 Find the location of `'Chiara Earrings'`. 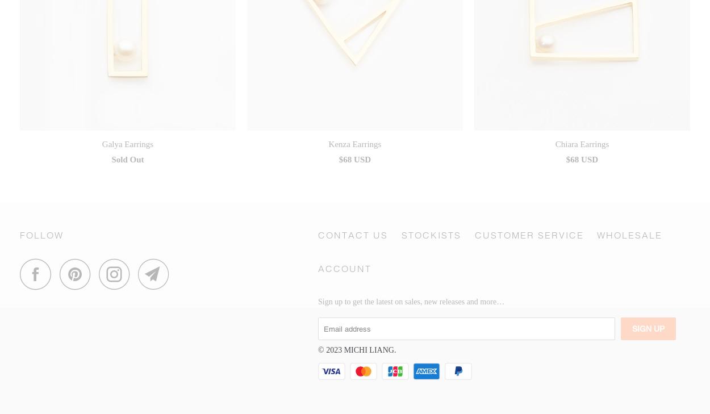

'Chiara Earrings' is located at coordinates (582, 143).